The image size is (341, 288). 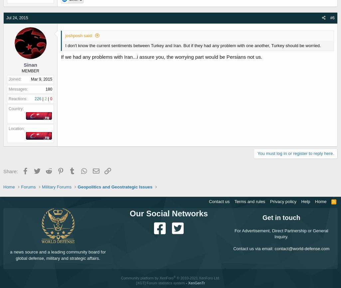 I want to click on '#6', so click(x=332, y=18).